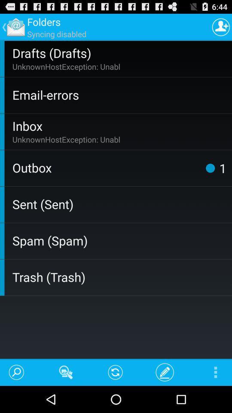 The image size is (232, 413). I want to click on the 1 item, so click(223, 167).